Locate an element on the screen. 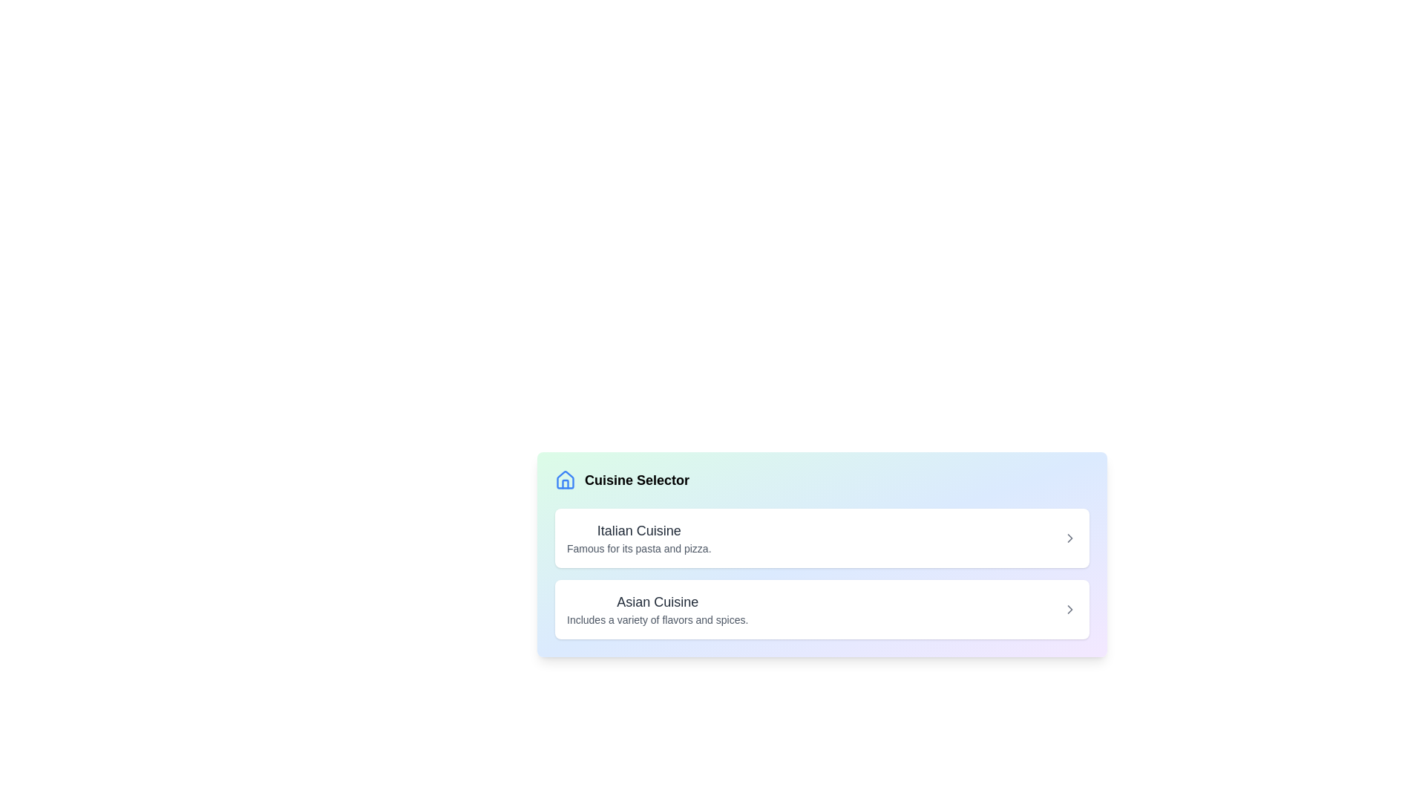  the bold, medium-sized text label displaying 'Italian Cuisine' which is positioned above the description text 'Famous for its pasta and pizza.' is located at coordinates (639, 529).